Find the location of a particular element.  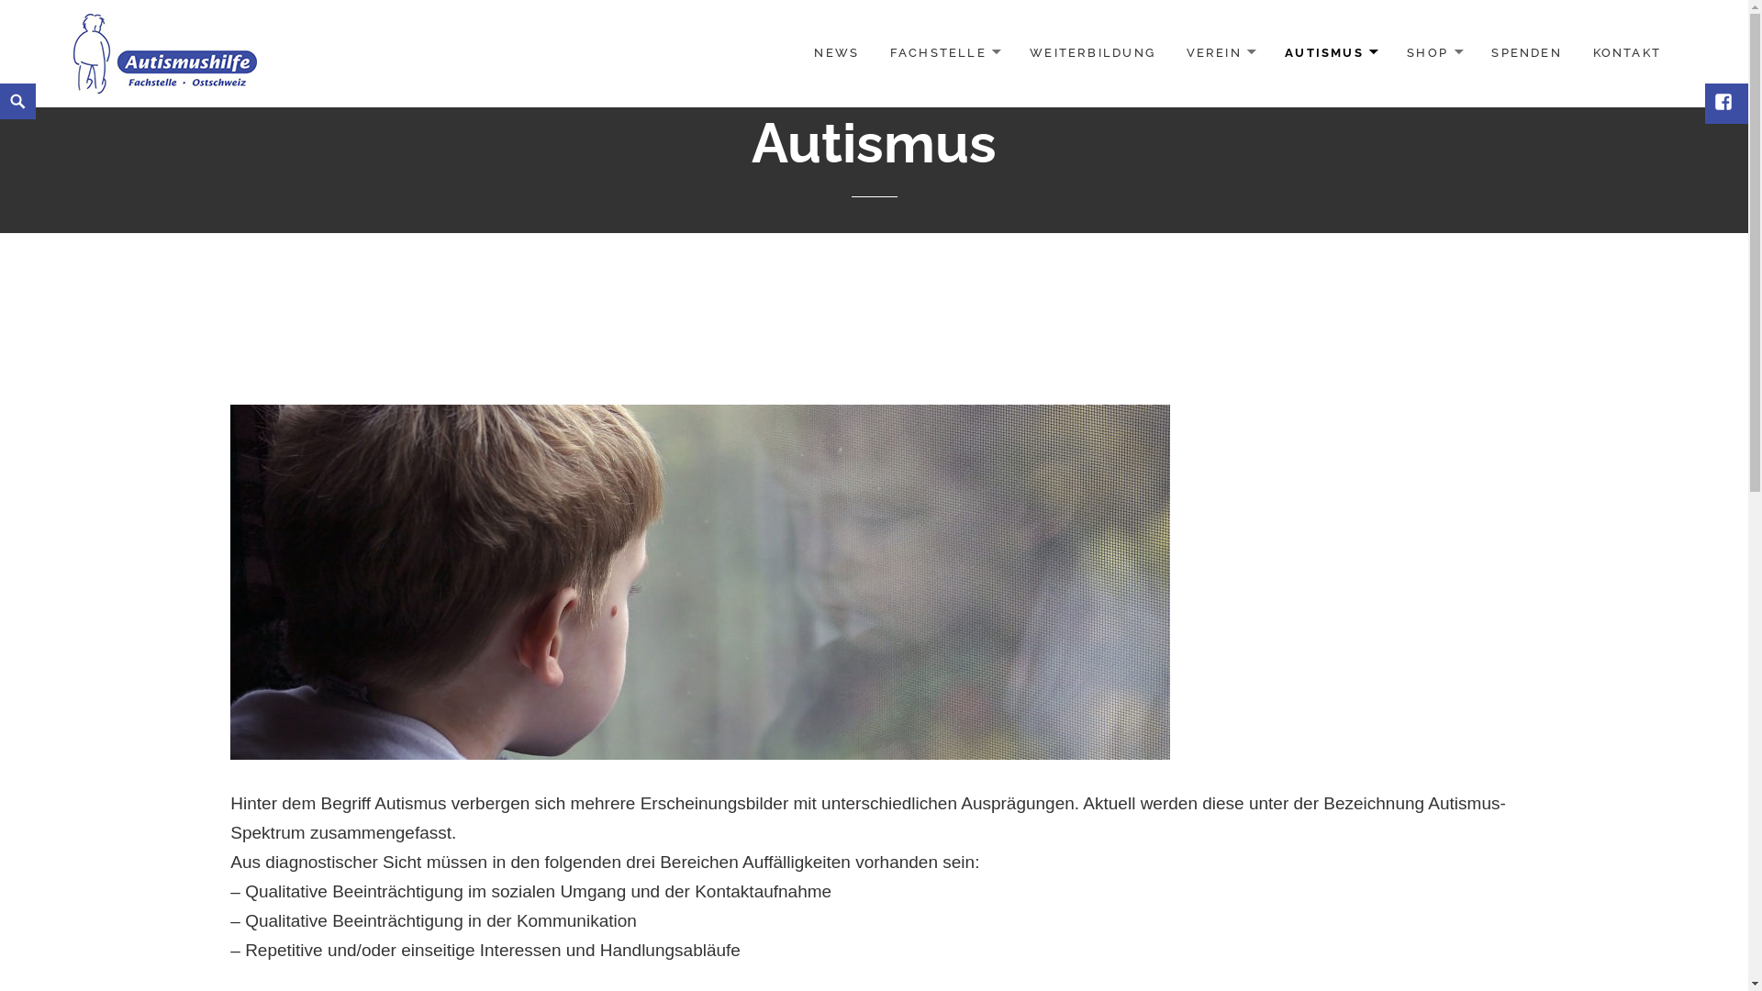

'VEREIN' is located at coordinates (1171, 52).